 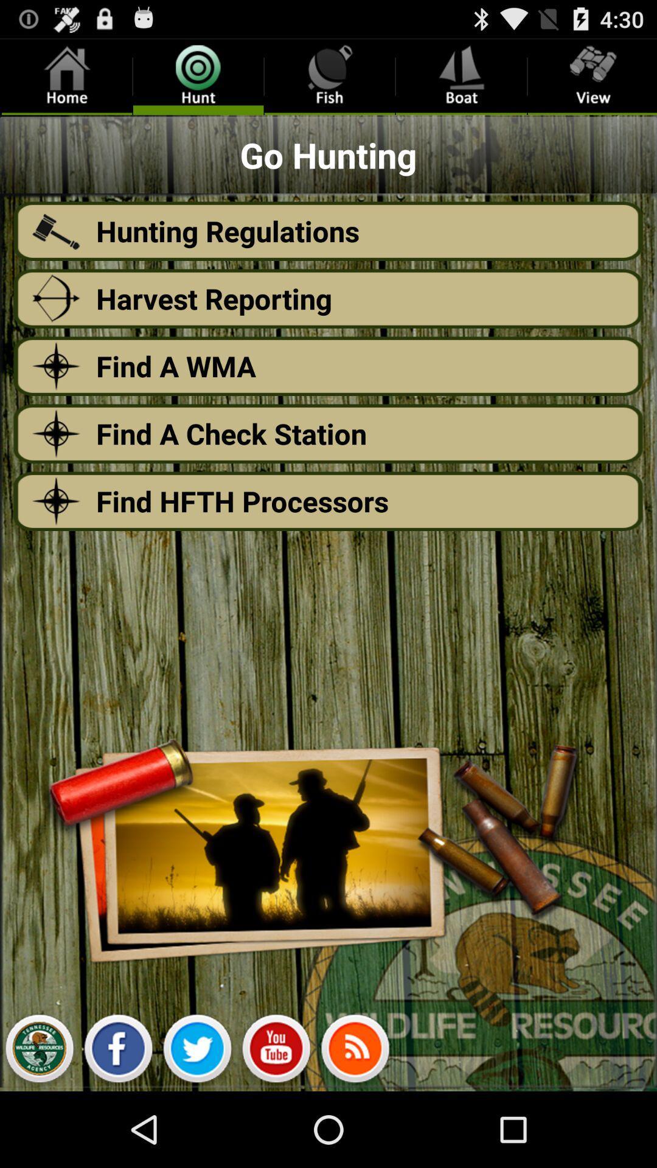 I want to click on the twitter icon, so click(x=196, y=1125).